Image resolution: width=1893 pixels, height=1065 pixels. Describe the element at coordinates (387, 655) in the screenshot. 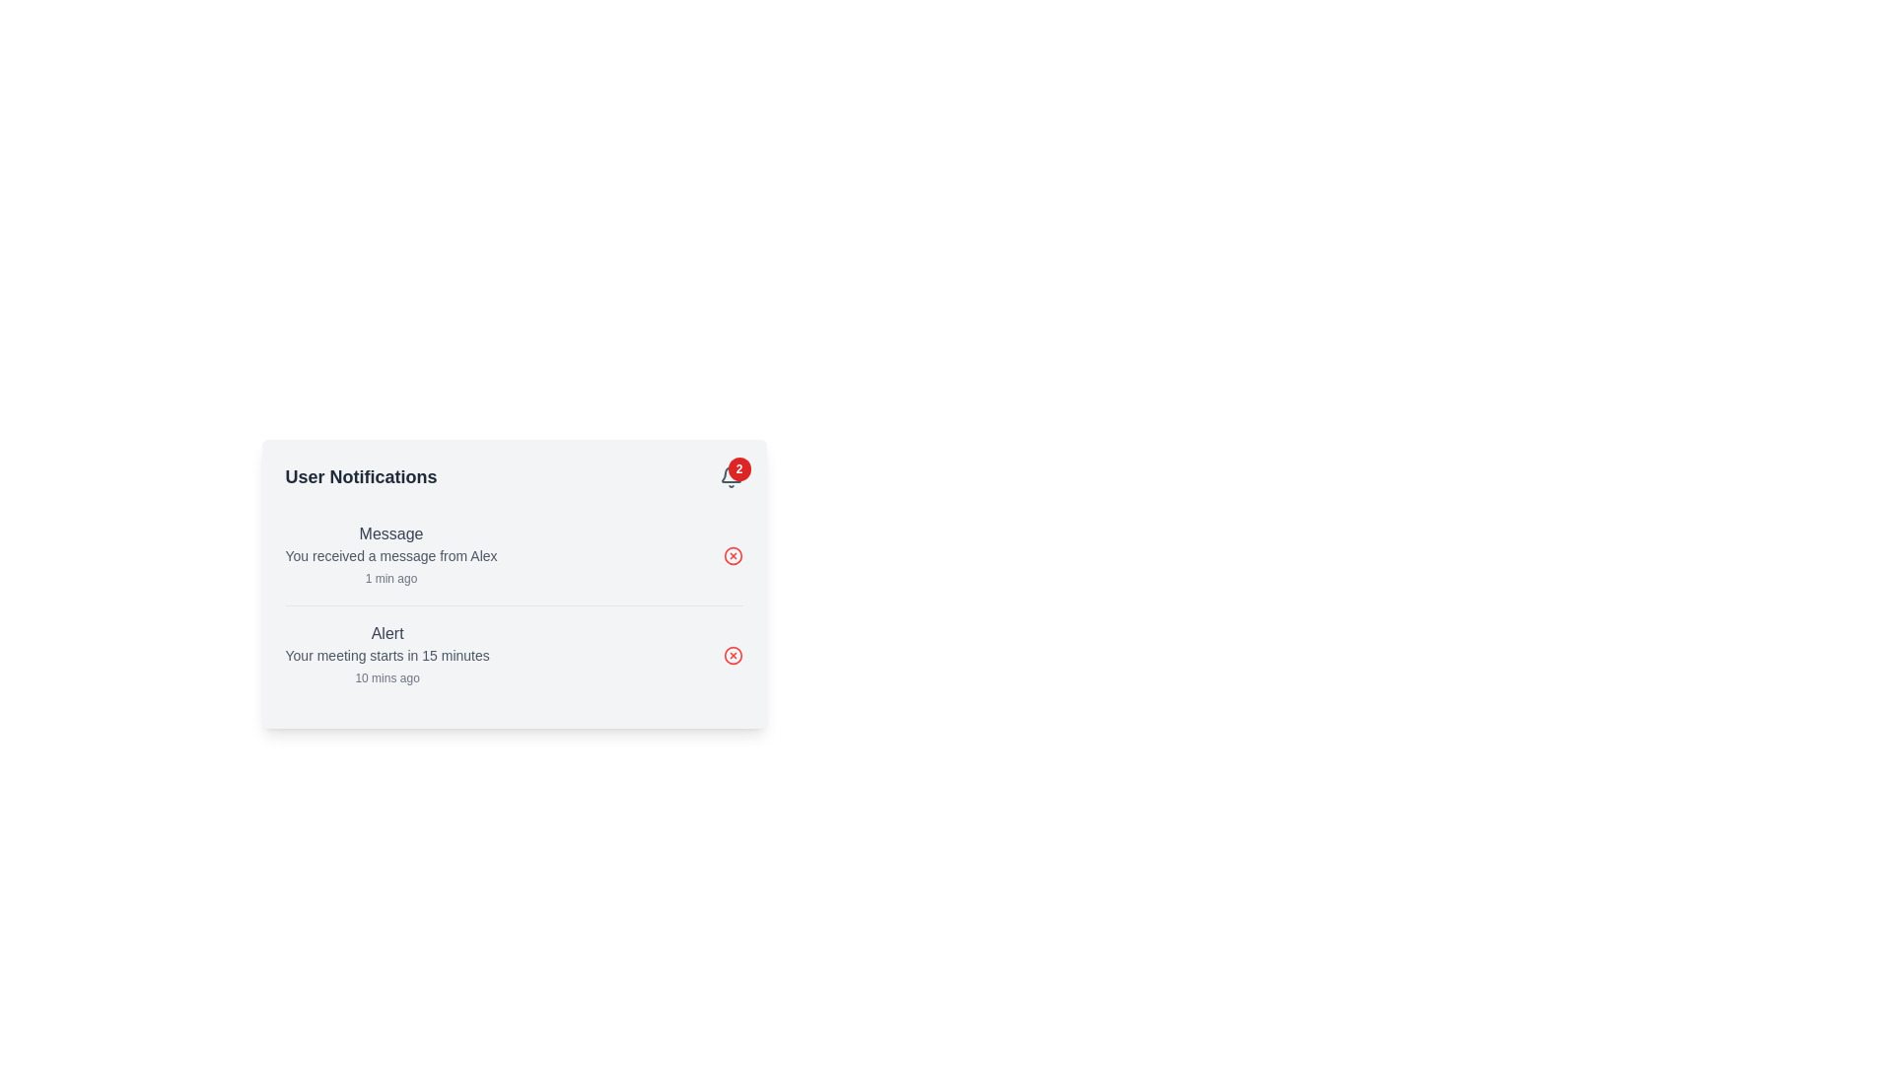

I see `the text message saying 'Your meeting starts in 15 minutes' located in the notification panel under the title 'Alert'` at that location.